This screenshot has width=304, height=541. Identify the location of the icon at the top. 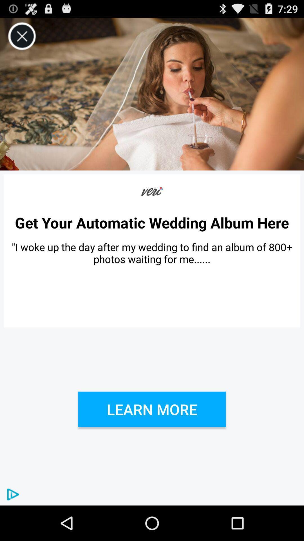
(152, 94).